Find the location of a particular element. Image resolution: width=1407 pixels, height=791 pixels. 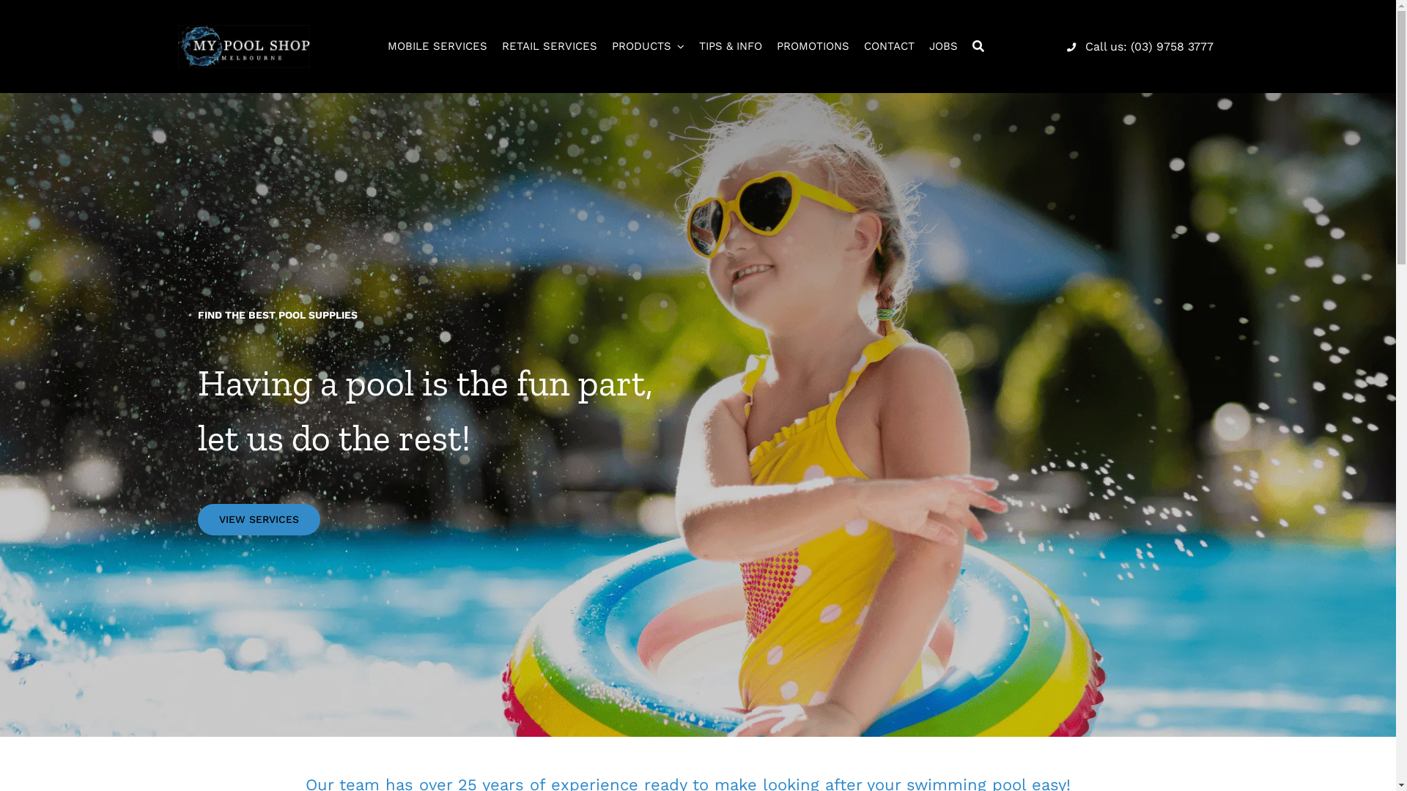

'RETAIL SERVICES' is located at coordinates (548, 46).